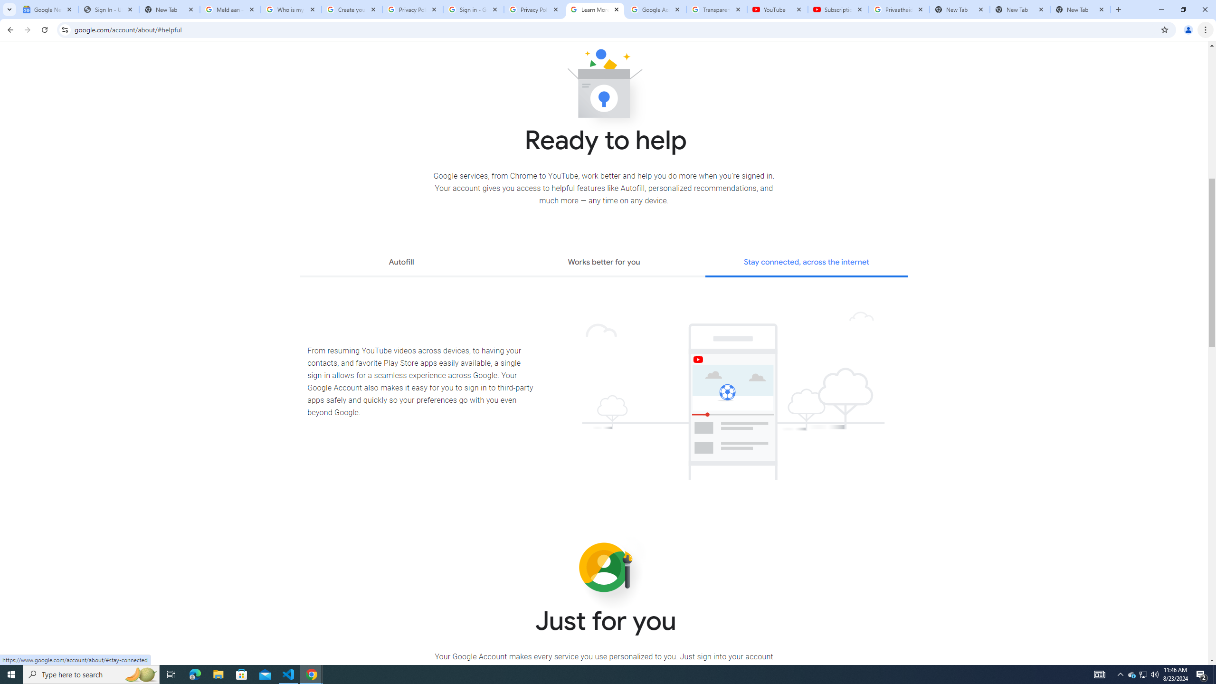 This screenshot has height=684, width=1216. I want to click on 'Google News', so click(48, 9).